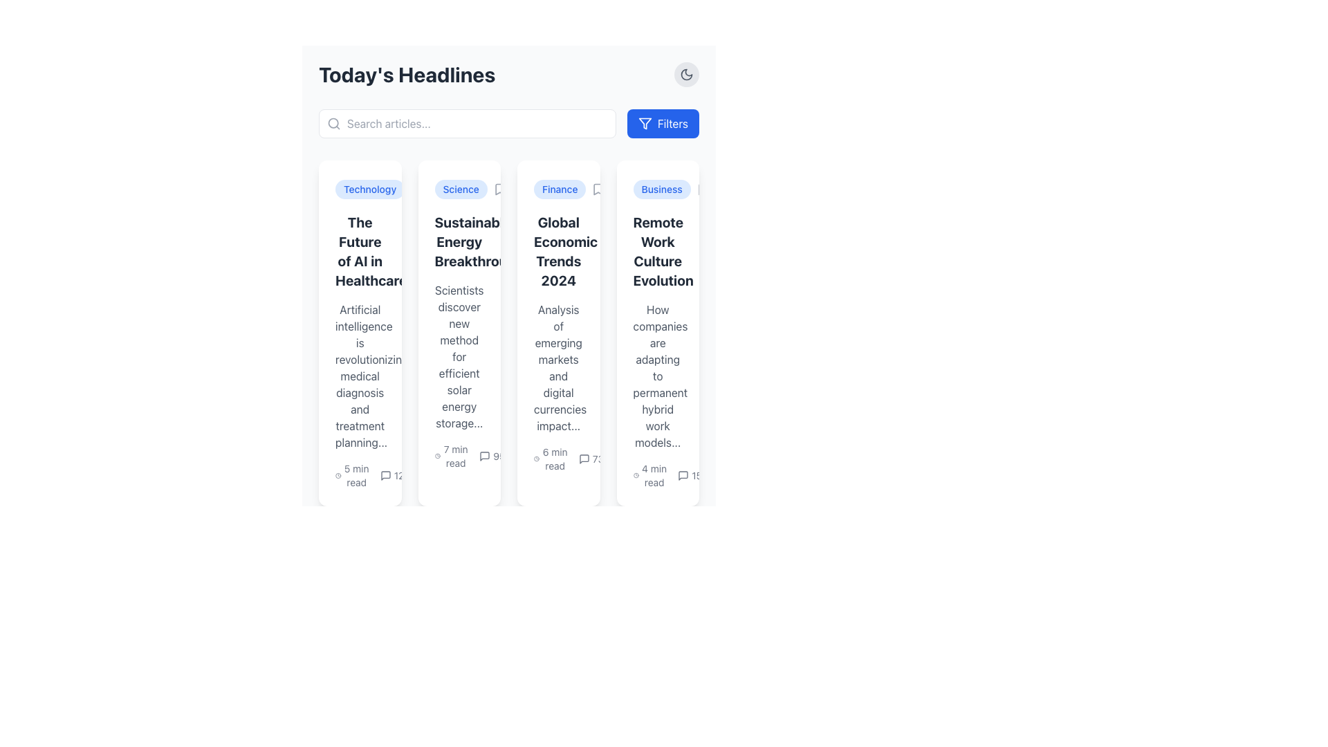 This screenshot has height=747, width=1328. What do you see at coordinates (649, 474) in the screenshot?
I see `the '4 min read' text with clock icon located in the bottom section of the fourth card from the left` at bounding box center [649, 474].